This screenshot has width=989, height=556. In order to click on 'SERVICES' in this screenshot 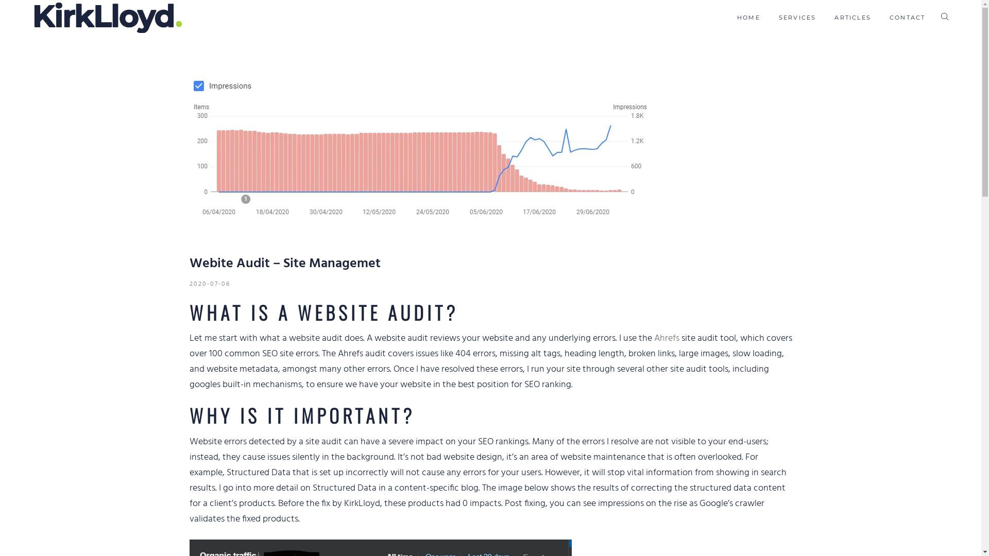, I will do `click(797, 18)`.